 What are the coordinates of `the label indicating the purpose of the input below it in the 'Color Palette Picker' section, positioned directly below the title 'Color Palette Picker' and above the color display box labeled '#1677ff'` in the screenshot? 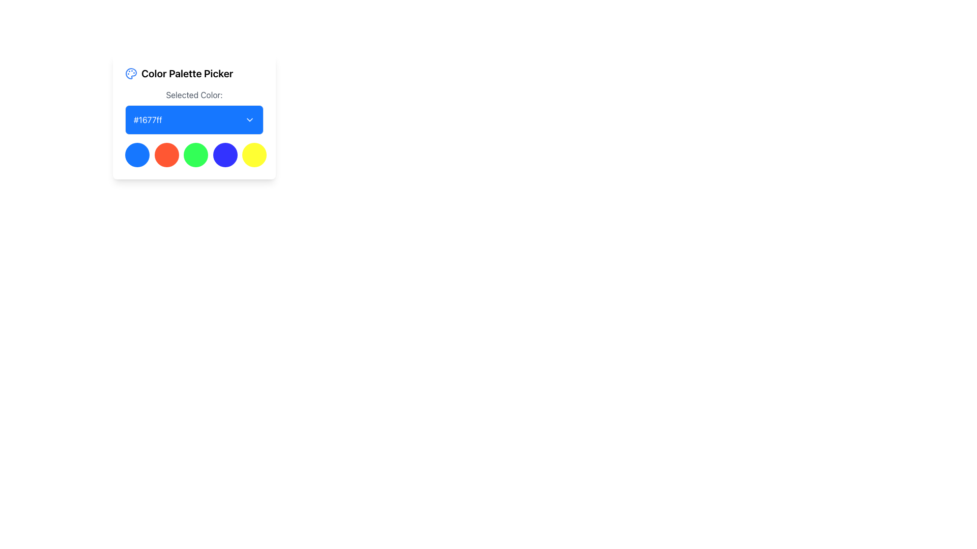 It's located at (194, 95).